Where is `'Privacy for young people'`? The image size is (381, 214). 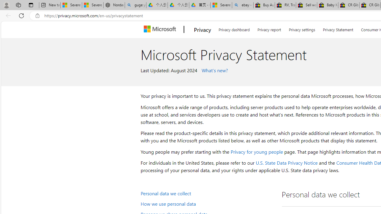 'Privacy for young people' is located at coordinates (257, 151).